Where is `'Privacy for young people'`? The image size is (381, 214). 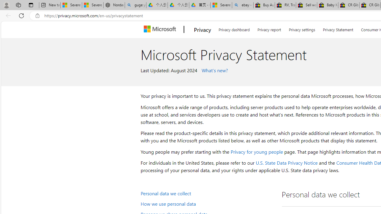 'Privacy for young people' is located at coordinates (257, 151).